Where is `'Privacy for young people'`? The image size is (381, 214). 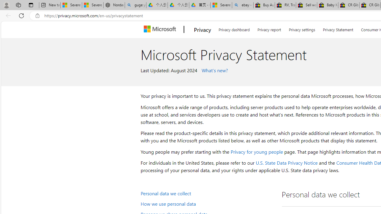 'Privacy for young people' is located at coordinates (257, 151).